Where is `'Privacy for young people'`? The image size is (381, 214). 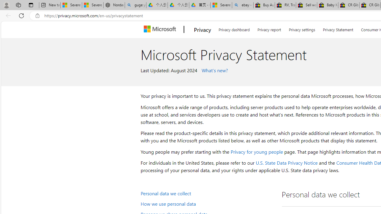 'Privacy for young people' is located at coordinates (257, 151).